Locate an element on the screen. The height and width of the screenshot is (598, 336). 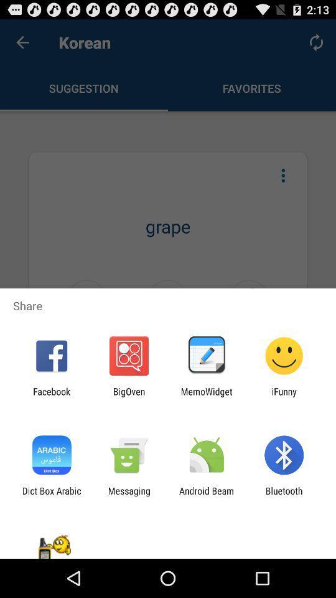
icon to the left of memowidget is located at coordinates (128, 396).